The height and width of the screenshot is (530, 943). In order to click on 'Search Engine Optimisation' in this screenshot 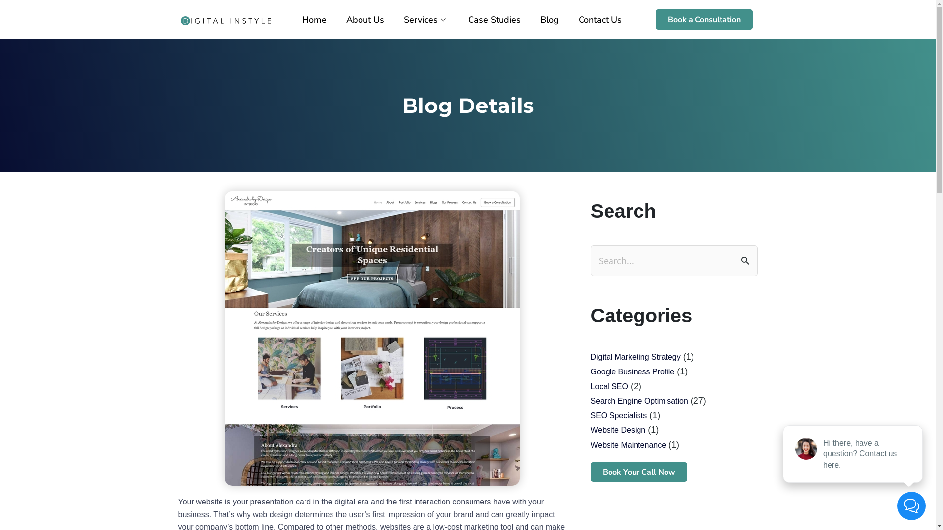, I will do `click(589, 401)`.